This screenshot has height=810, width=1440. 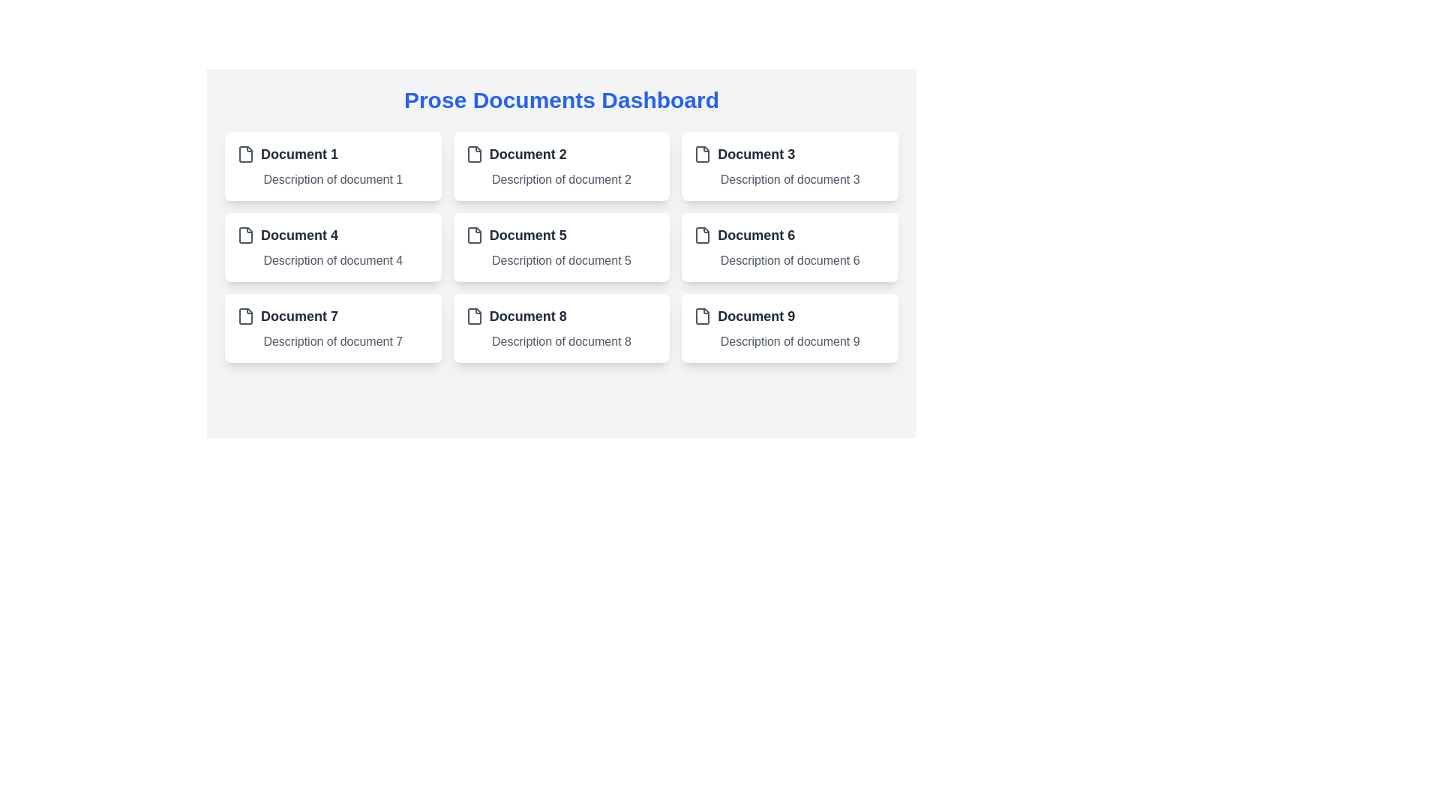 I want to click on the document icon located in the sixth document card, which is in the second column of the third row, to the left of the 'Document 6' label, so click(x=701, y=235).